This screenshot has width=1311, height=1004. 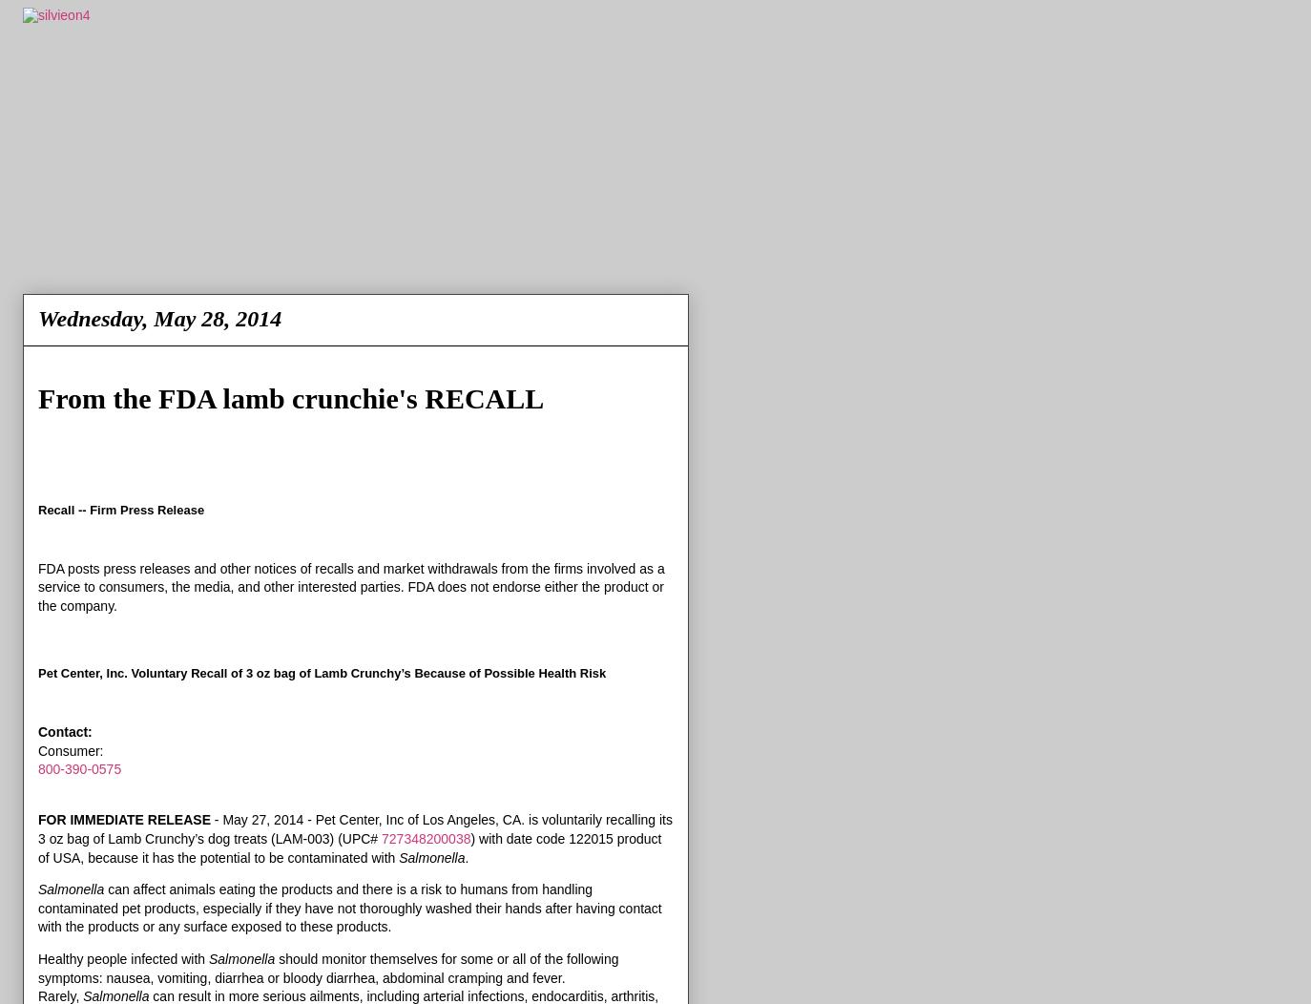 I want to click on 'Contact:', so click(x=36, y=729).